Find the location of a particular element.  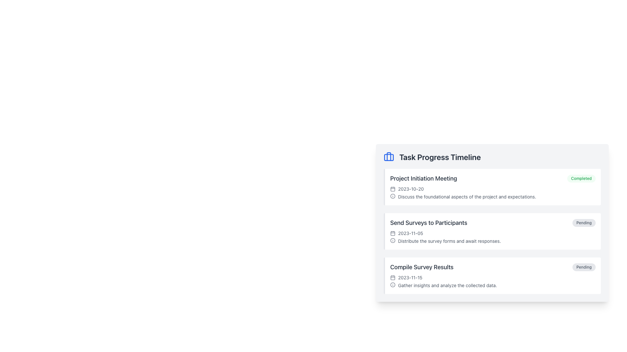

the circular graphical component in the SVG element, which is styled consistently with other vector graphics and is centrally positioned among its siblings is located at coordinates (393, 240).